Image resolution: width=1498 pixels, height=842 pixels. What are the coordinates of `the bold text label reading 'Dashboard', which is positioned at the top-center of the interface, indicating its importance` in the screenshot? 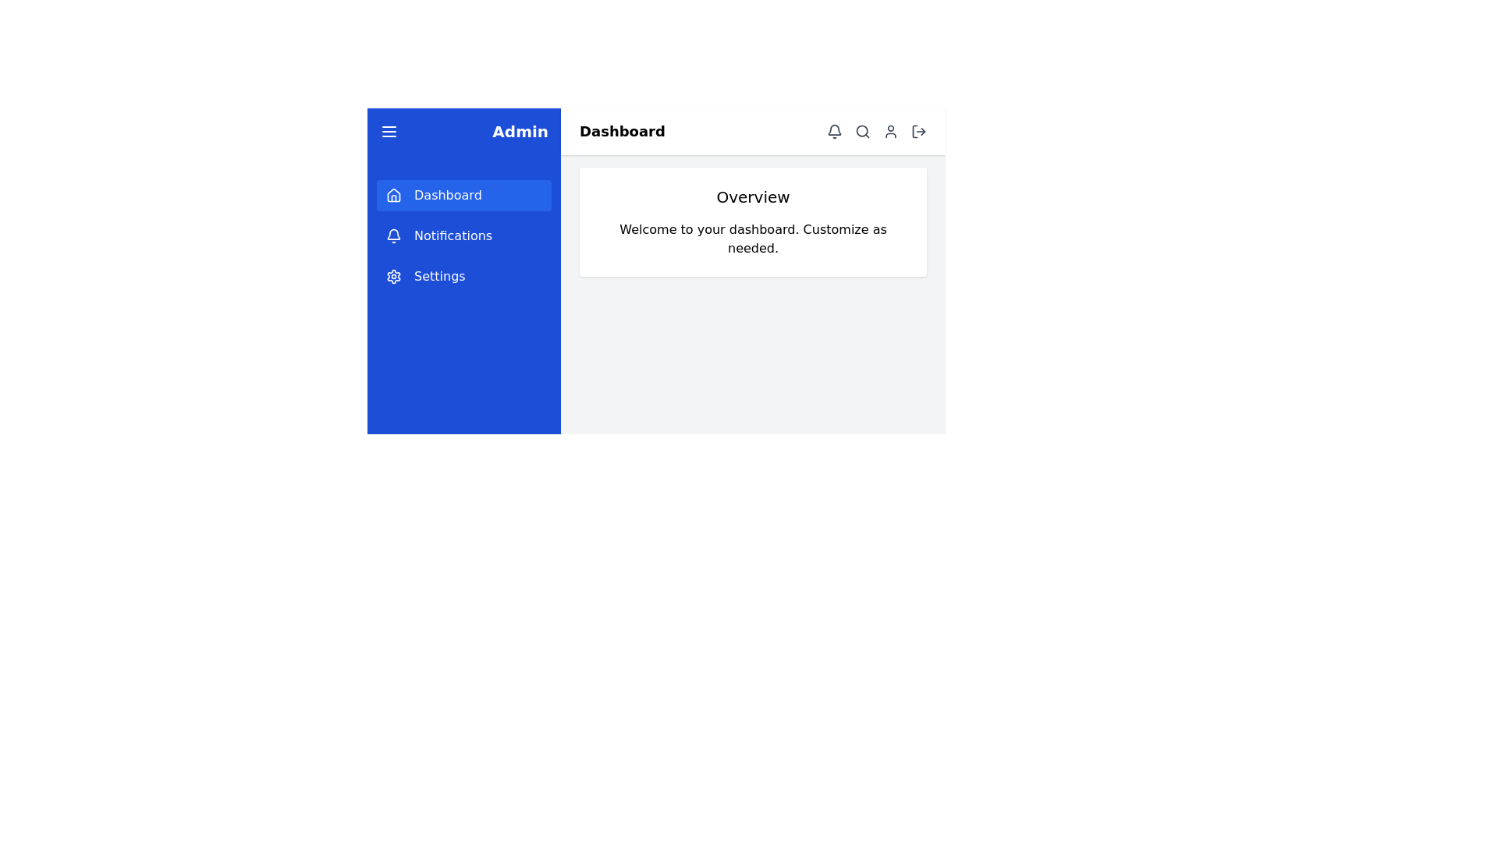 It's located at (621, 131).